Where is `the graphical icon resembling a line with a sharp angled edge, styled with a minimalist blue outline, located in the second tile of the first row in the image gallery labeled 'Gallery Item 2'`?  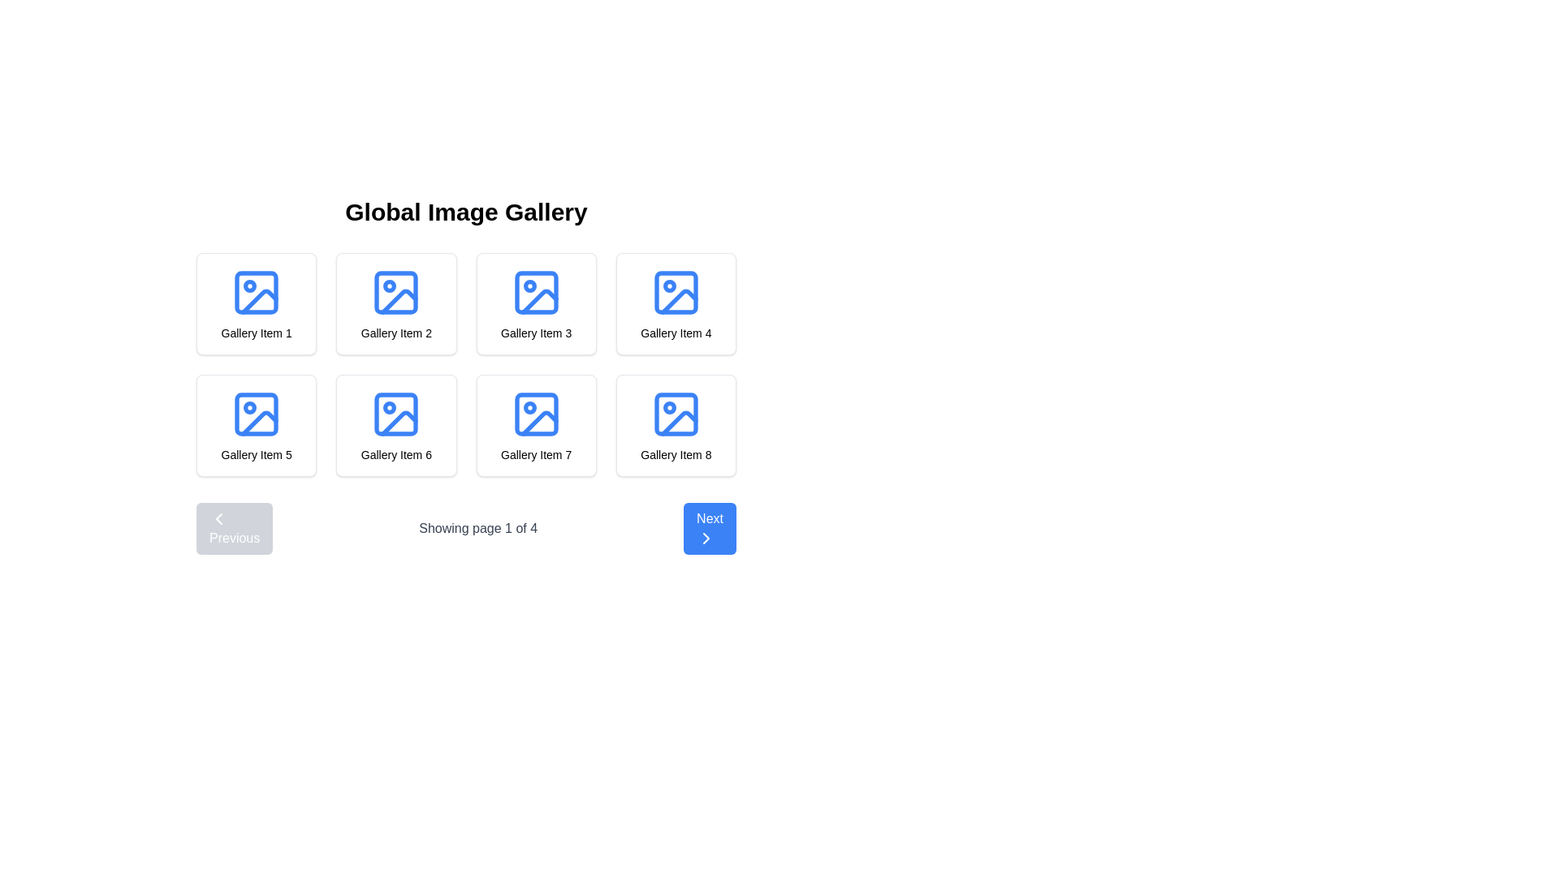 the graphical icon resembling a line with a sharp angled edge, styled with a minimalist blue outline, located in the second tile of the first row in the image gallery labeled 'Gallery Item 2' is located at coordinates (399, 302).